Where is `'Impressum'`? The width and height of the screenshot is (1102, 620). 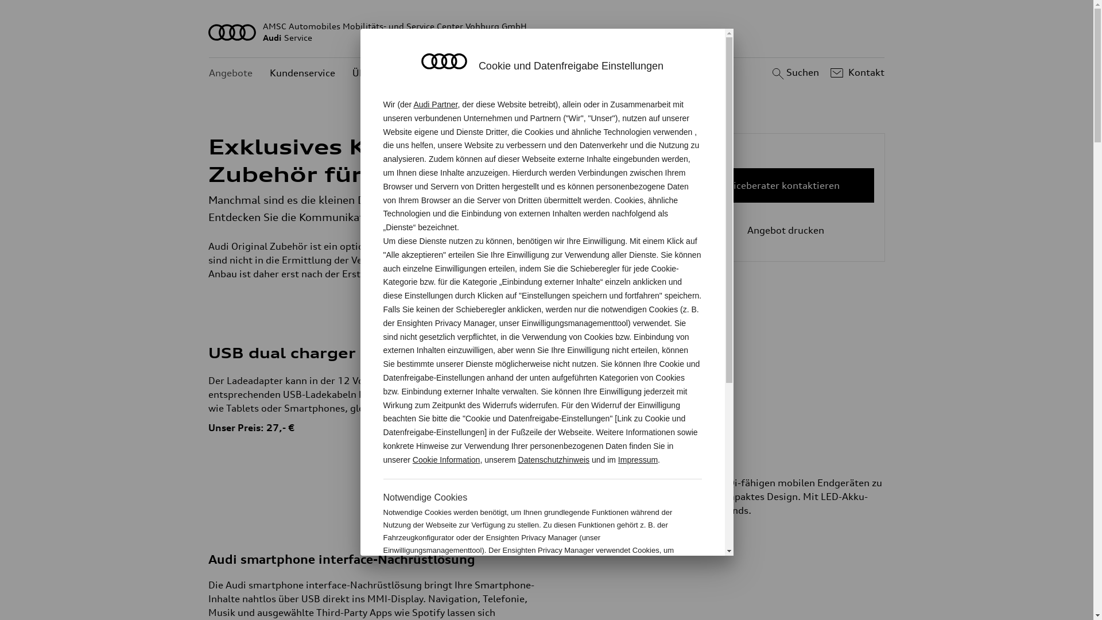
'Impressum' is located at coordinates (637, 459).